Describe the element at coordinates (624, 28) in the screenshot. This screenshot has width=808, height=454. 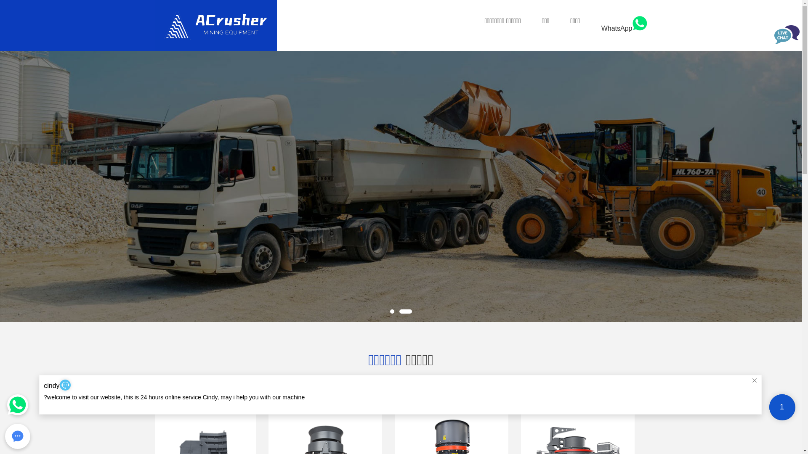
I see `'WhatsApp'` at that location.